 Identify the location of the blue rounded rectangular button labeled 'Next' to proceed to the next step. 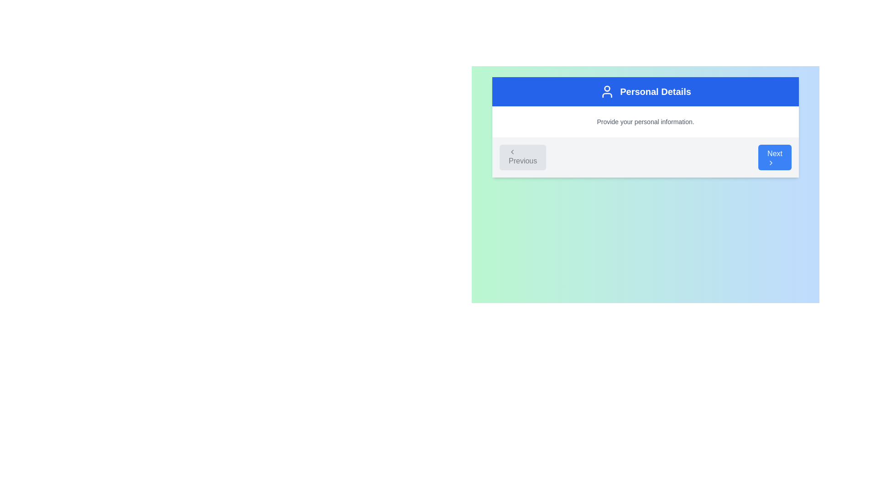
(774, 157).